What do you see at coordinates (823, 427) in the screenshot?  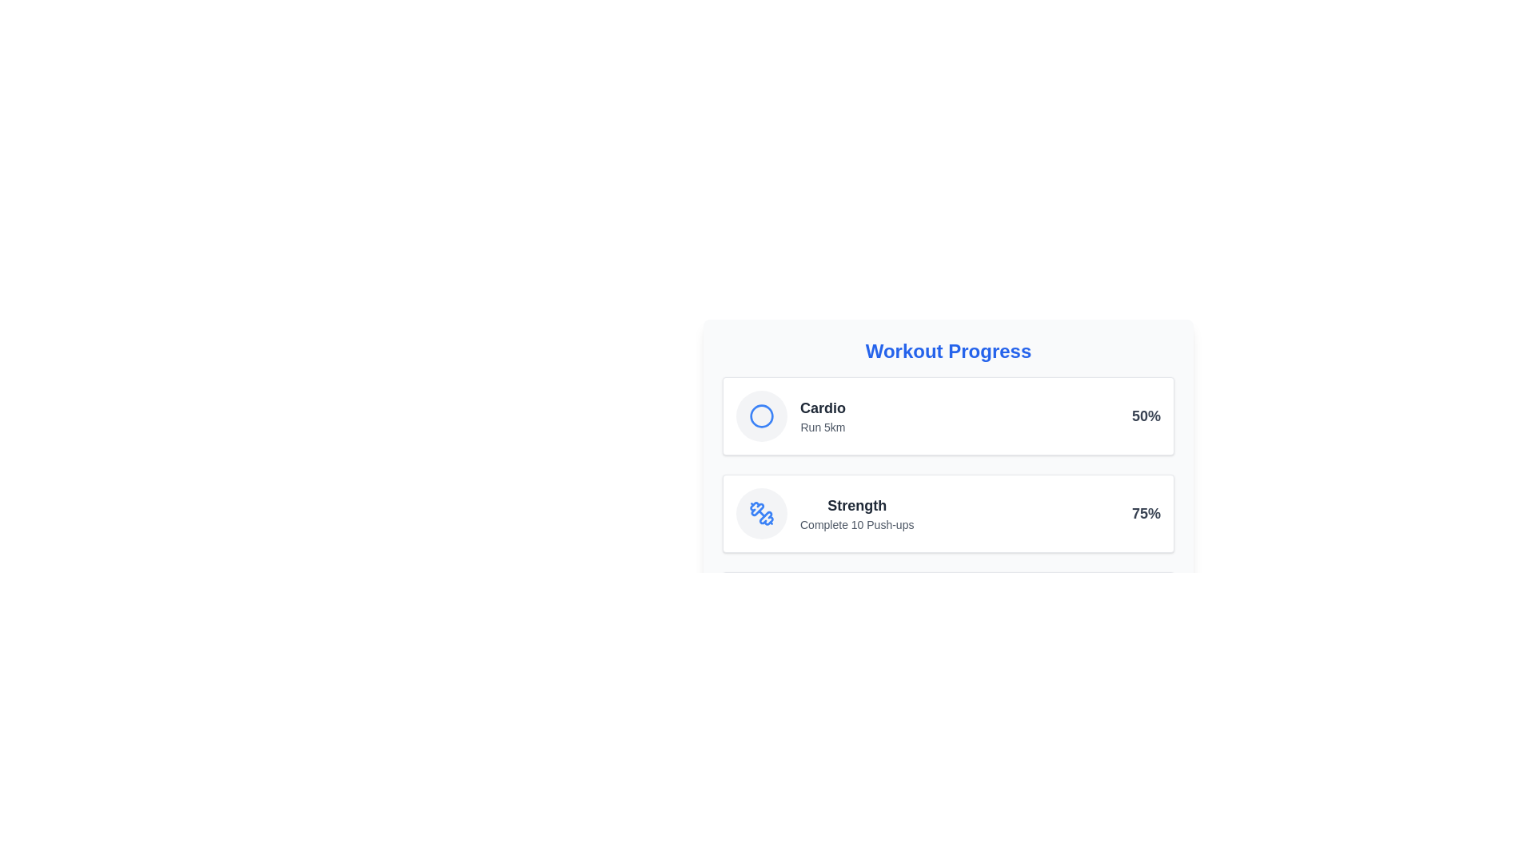 I see `the text display that shows 'Run 5km', which is located below the 'Cardio' label in the workout progress section` at bounding box center [823, 427].